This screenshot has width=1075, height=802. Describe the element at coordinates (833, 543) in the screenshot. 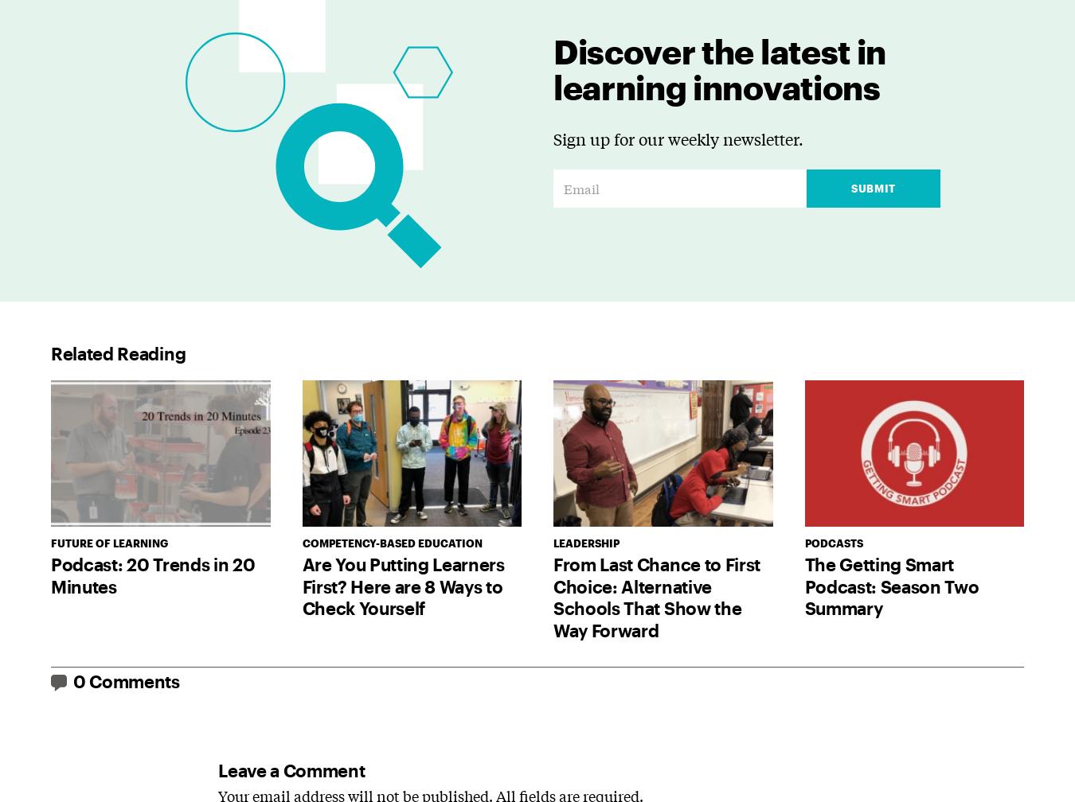

I see `'Podcasts'` at that location.